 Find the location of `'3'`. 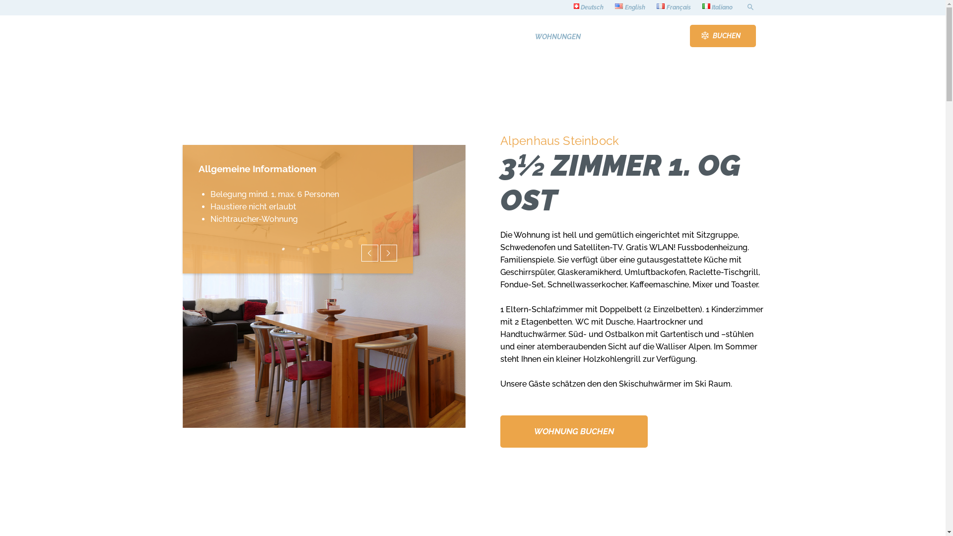

'3' is located at coordinates (307, 248).